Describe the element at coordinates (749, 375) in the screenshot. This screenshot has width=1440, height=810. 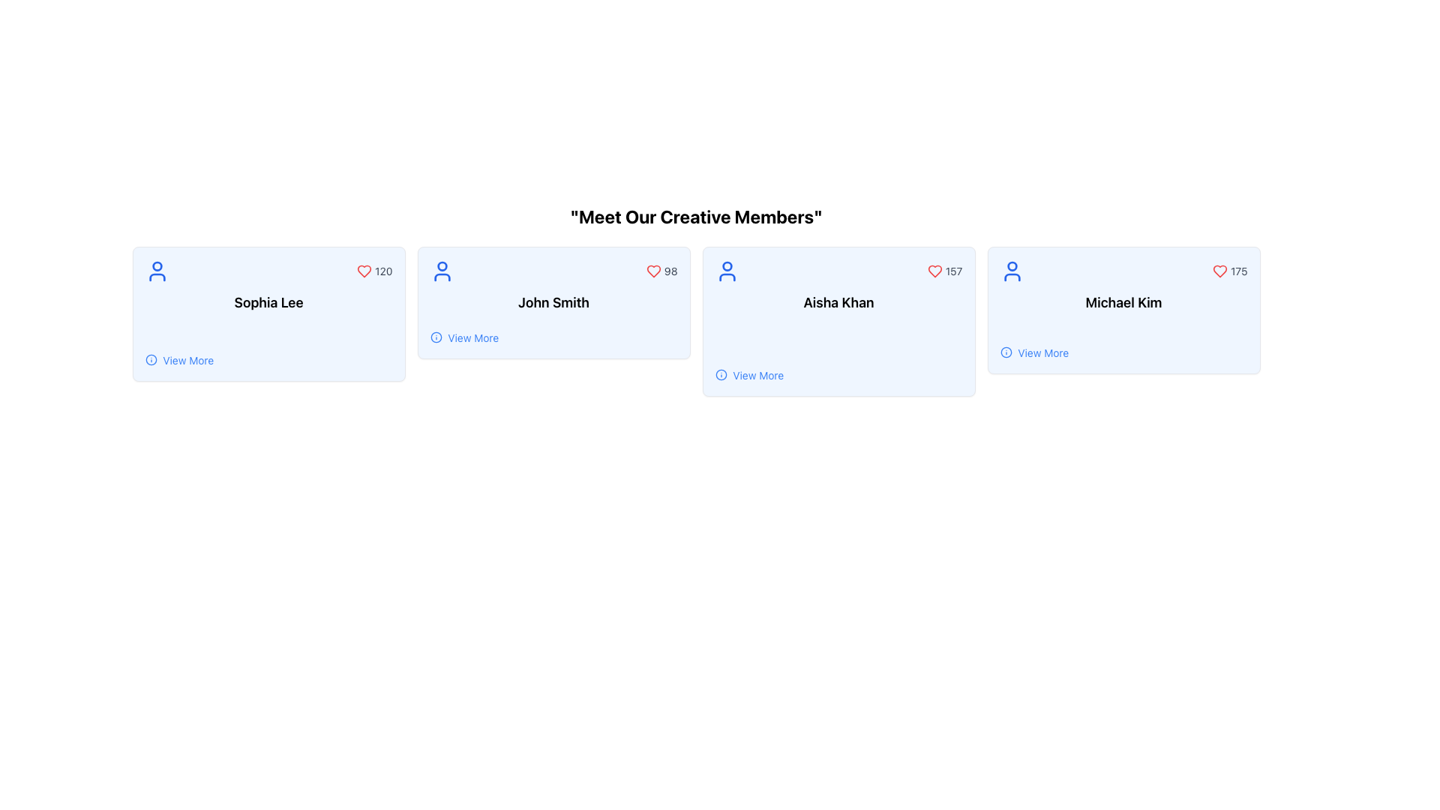
I see `the 'View More' button associated with 'Aisha Khan' to underline the text` at that location.